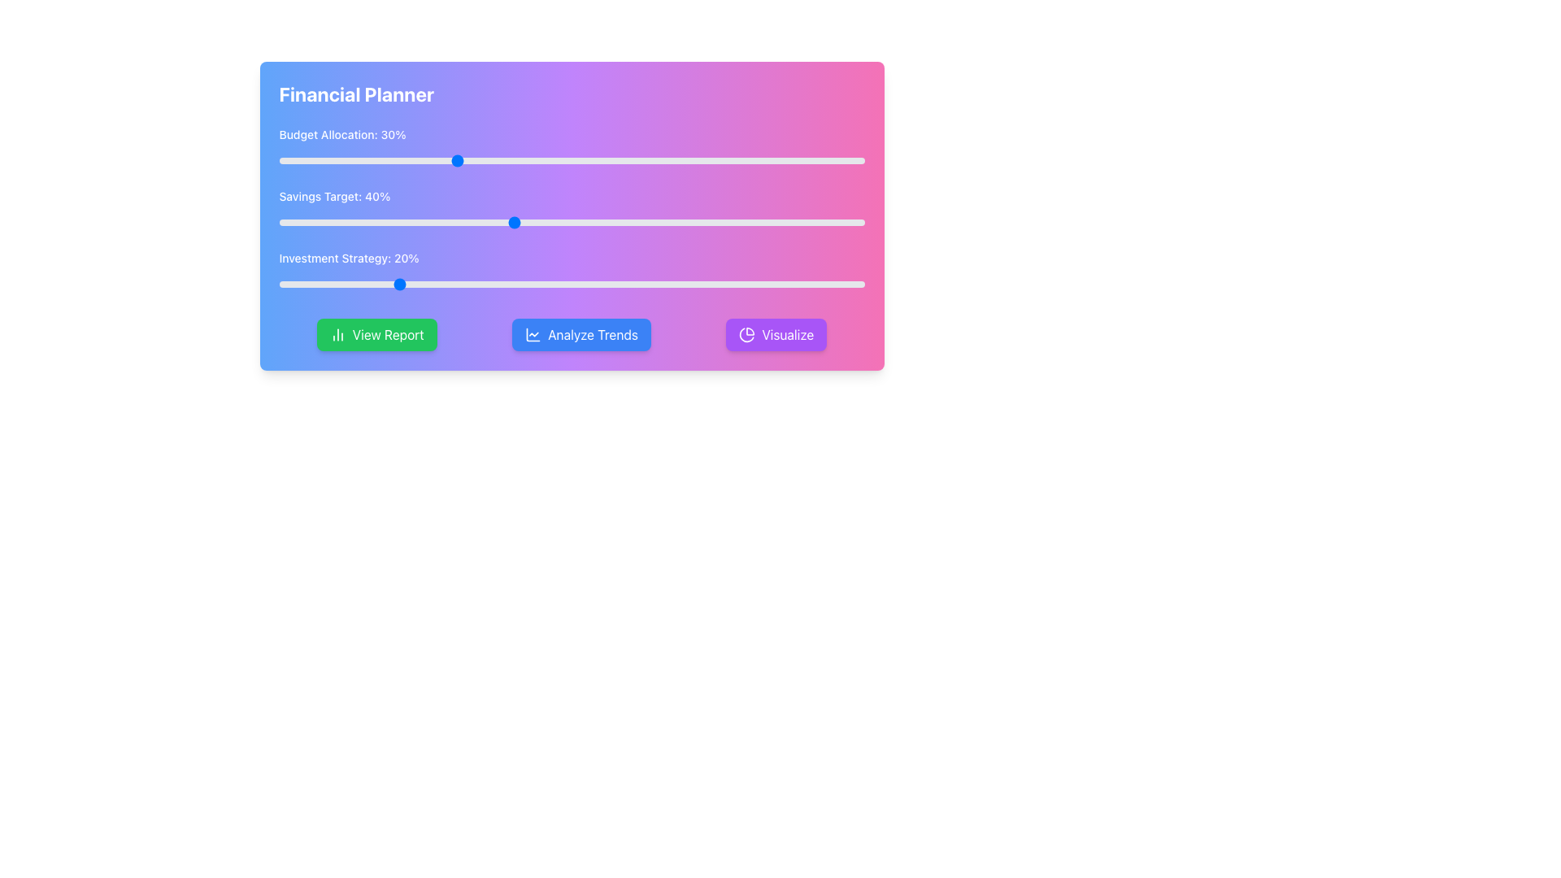  What do you see at coordinates (572, 222) in the screenshot?
I see `the horizontal slider handle located in the 'Financial Planner' section below the text 'Savings Target: 40%'` at bounding box center [572, 222].